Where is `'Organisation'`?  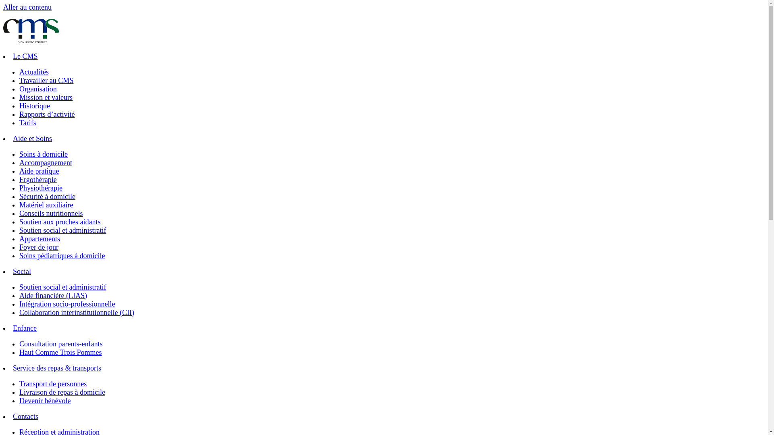 'Organisation' is located at coordinates (37, 89).